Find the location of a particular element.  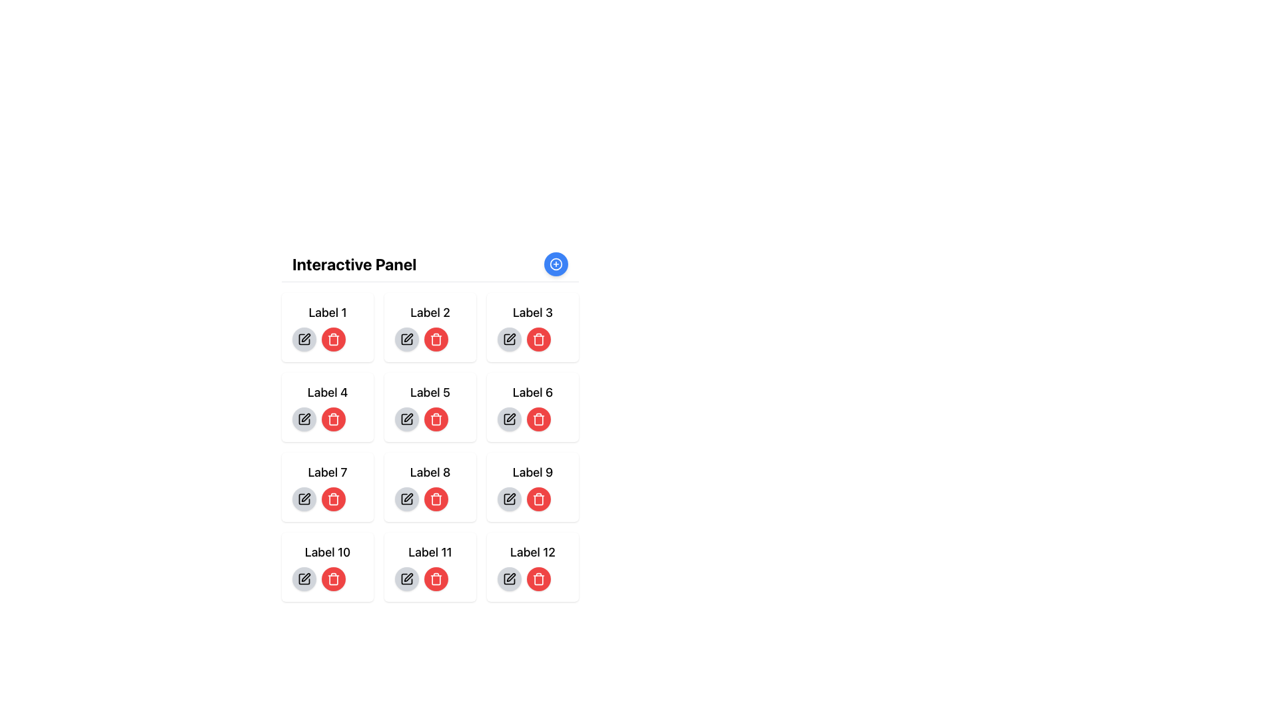

the rounded red button with a trash icon located below the label 'Label 2' is located at coordinates (430, 328).